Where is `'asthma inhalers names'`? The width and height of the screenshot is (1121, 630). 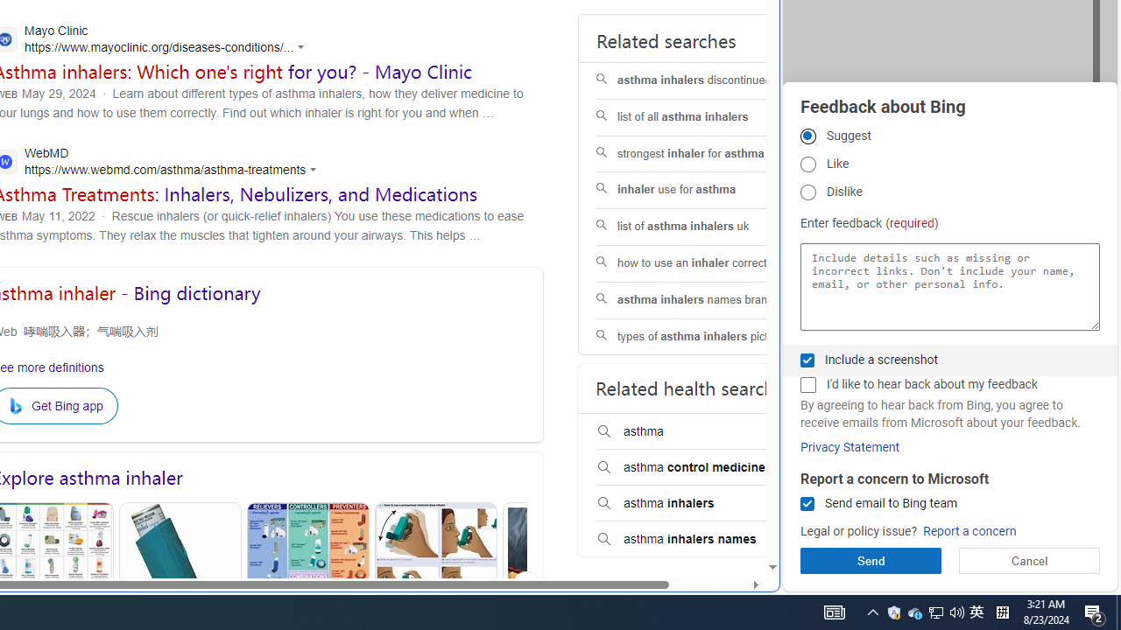
'asthma inhalers names' is located at coordinates (707, 538).